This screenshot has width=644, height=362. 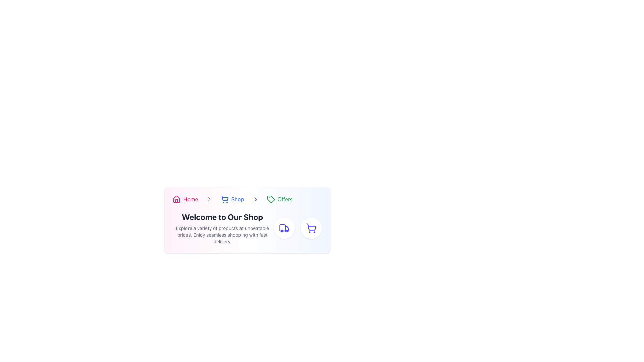 I want to click on the descriptive paragraph of the textual information block that contains the text 'Explore a variety of products at unbeatable prices. Enjoy seamless shopping with fast delivery.', so click(x=247, y=228).